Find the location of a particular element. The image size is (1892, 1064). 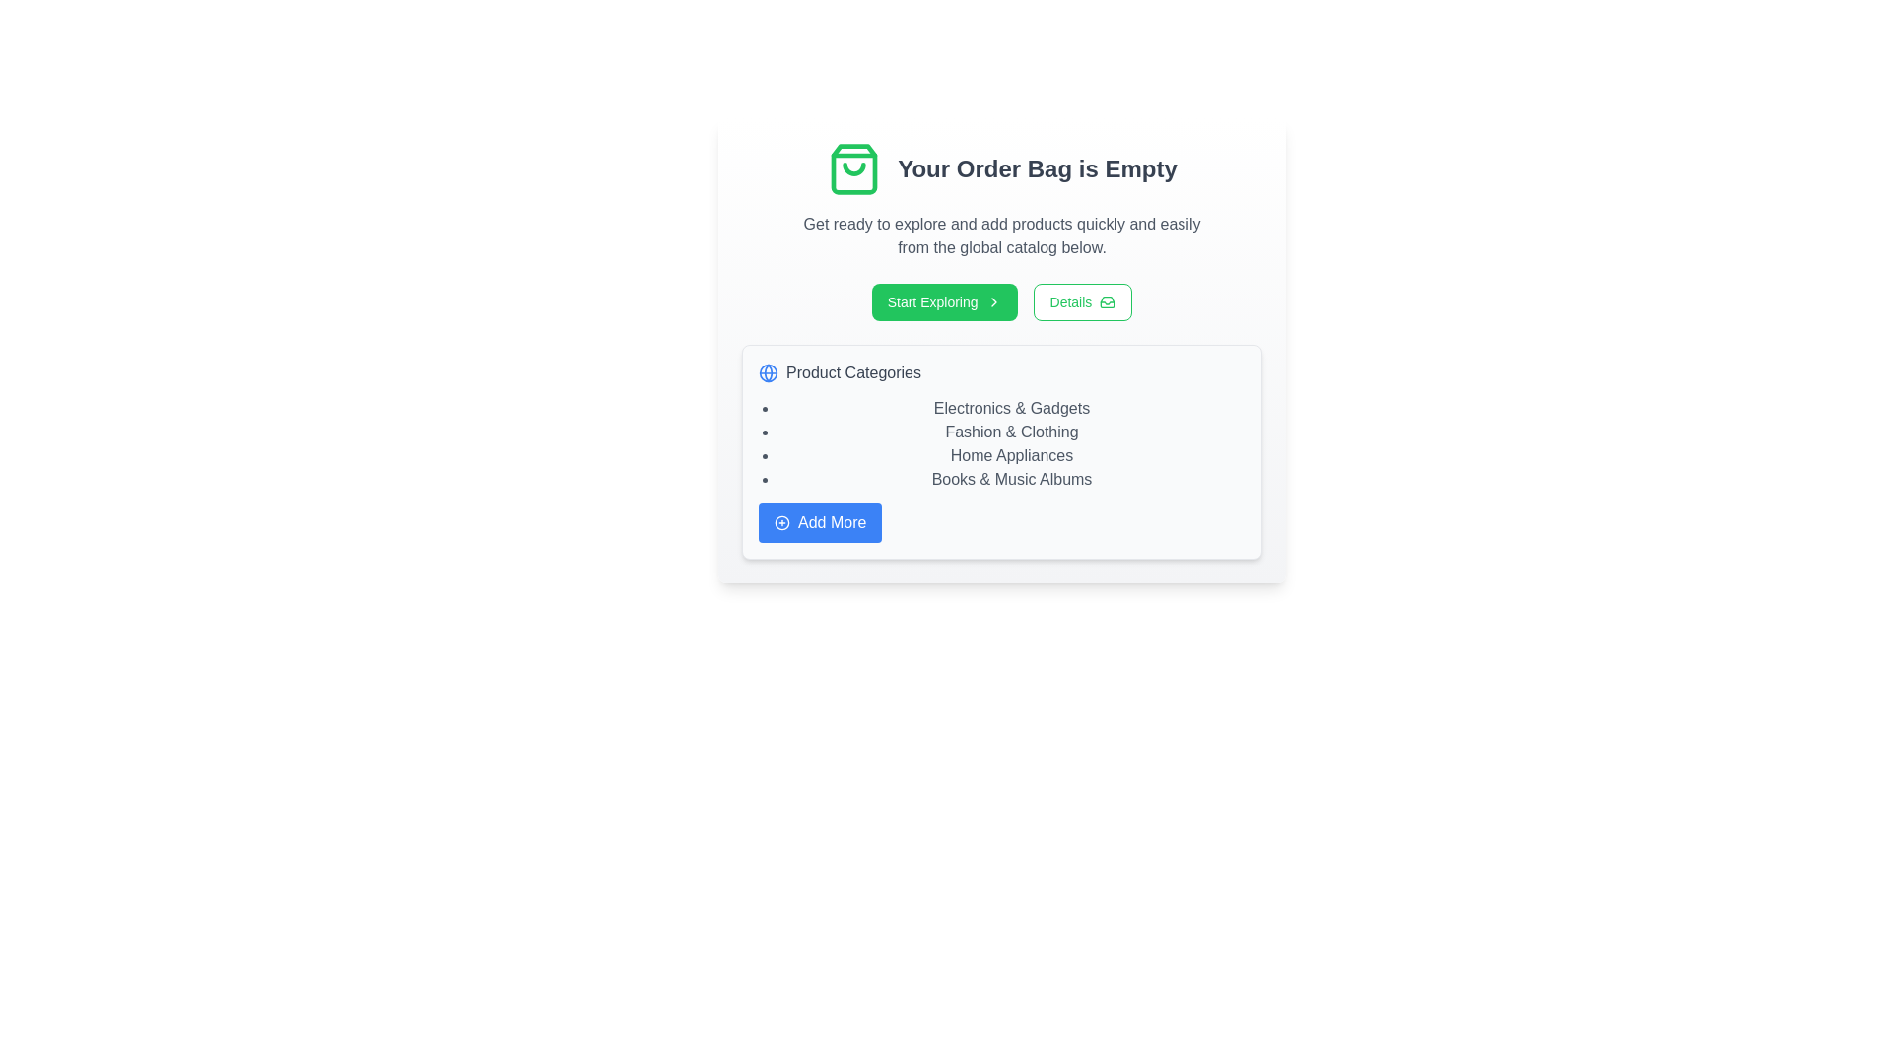

the informational text indicating the empty status of the order bag, located next to the left-aligned green shopping bag icon is located at coordinates (1036, 168).